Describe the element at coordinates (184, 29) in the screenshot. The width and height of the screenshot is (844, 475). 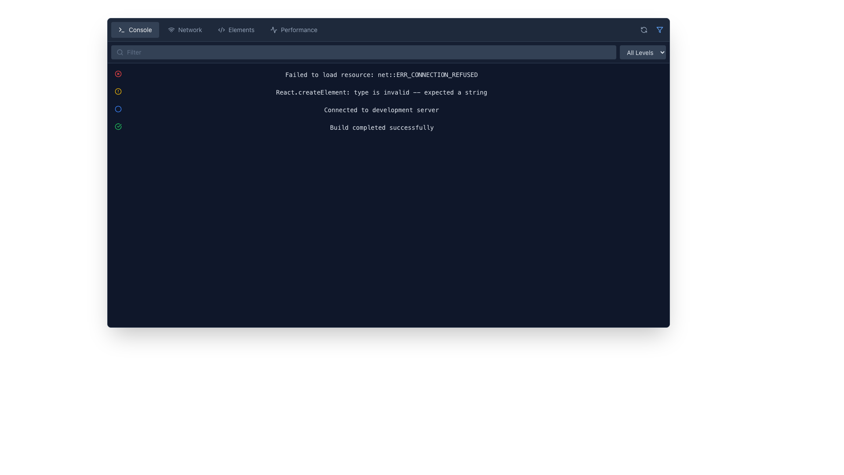
I see `the 'Network' button in the menu bar` at that location.